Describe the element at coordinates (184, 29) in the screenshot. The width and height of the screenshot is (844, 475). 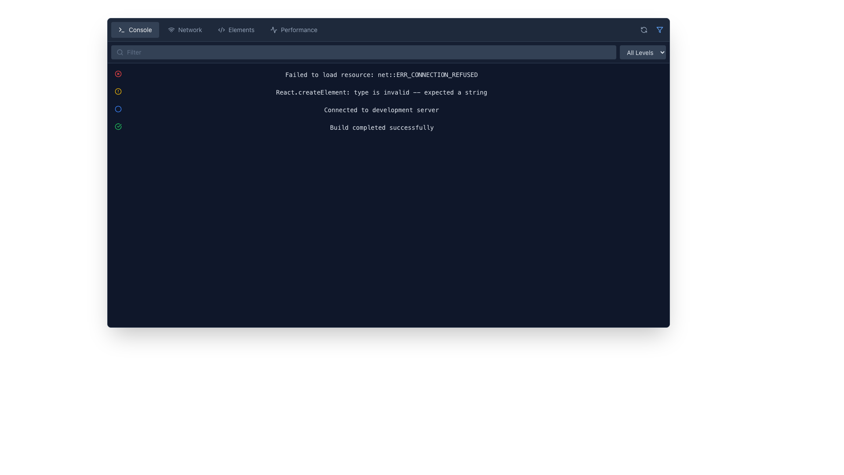
I see `the 'Network' button in the menu bar` at that location.